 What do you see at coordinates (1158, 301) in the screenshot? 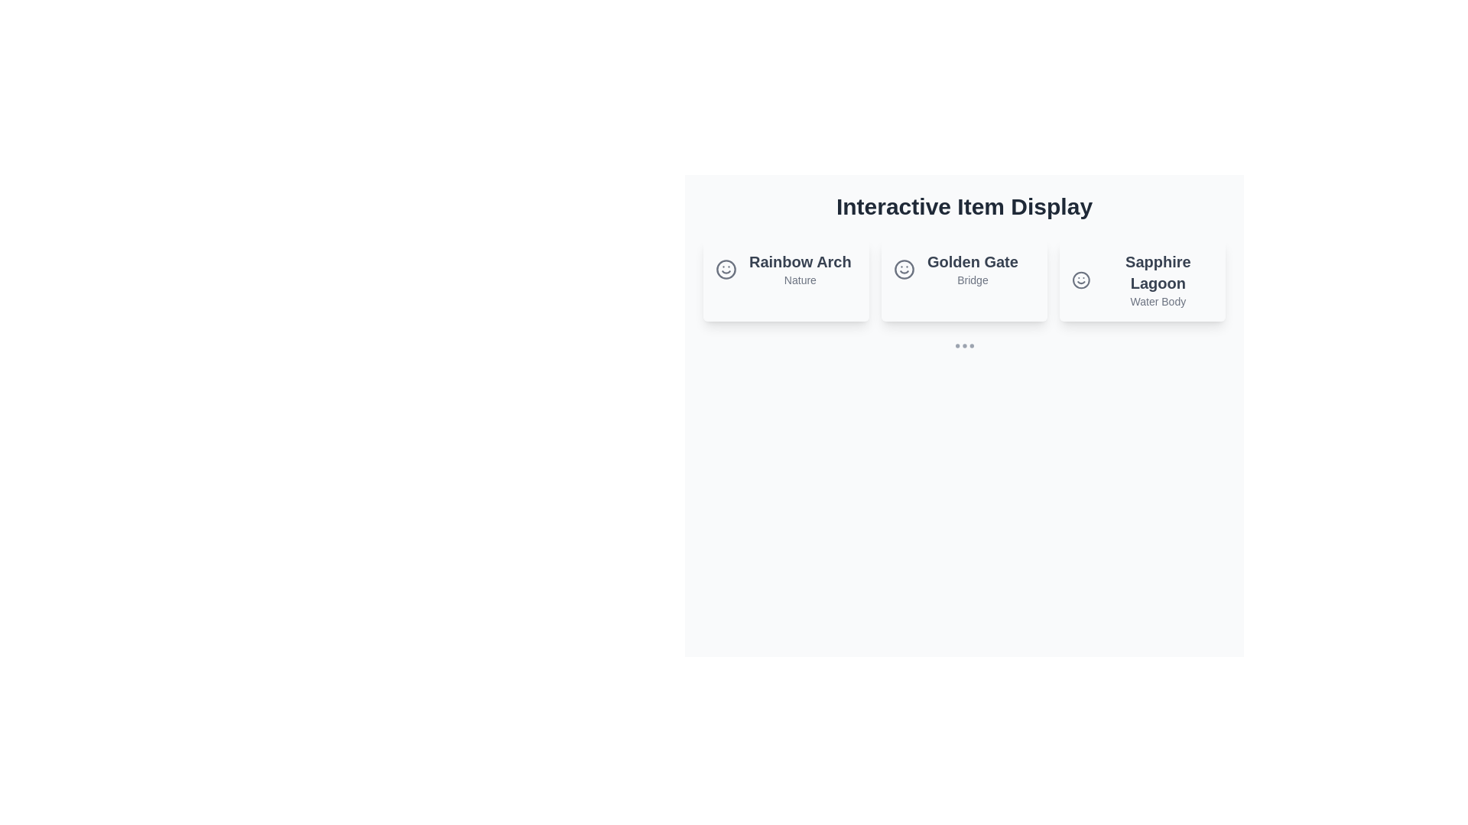
I see `the text label reading 'Water Body', which is styled in light gray and located beneath 'Sapphire Lagoon' in the rightmost card of the interactive item list` at bounding box center [1158, 301].